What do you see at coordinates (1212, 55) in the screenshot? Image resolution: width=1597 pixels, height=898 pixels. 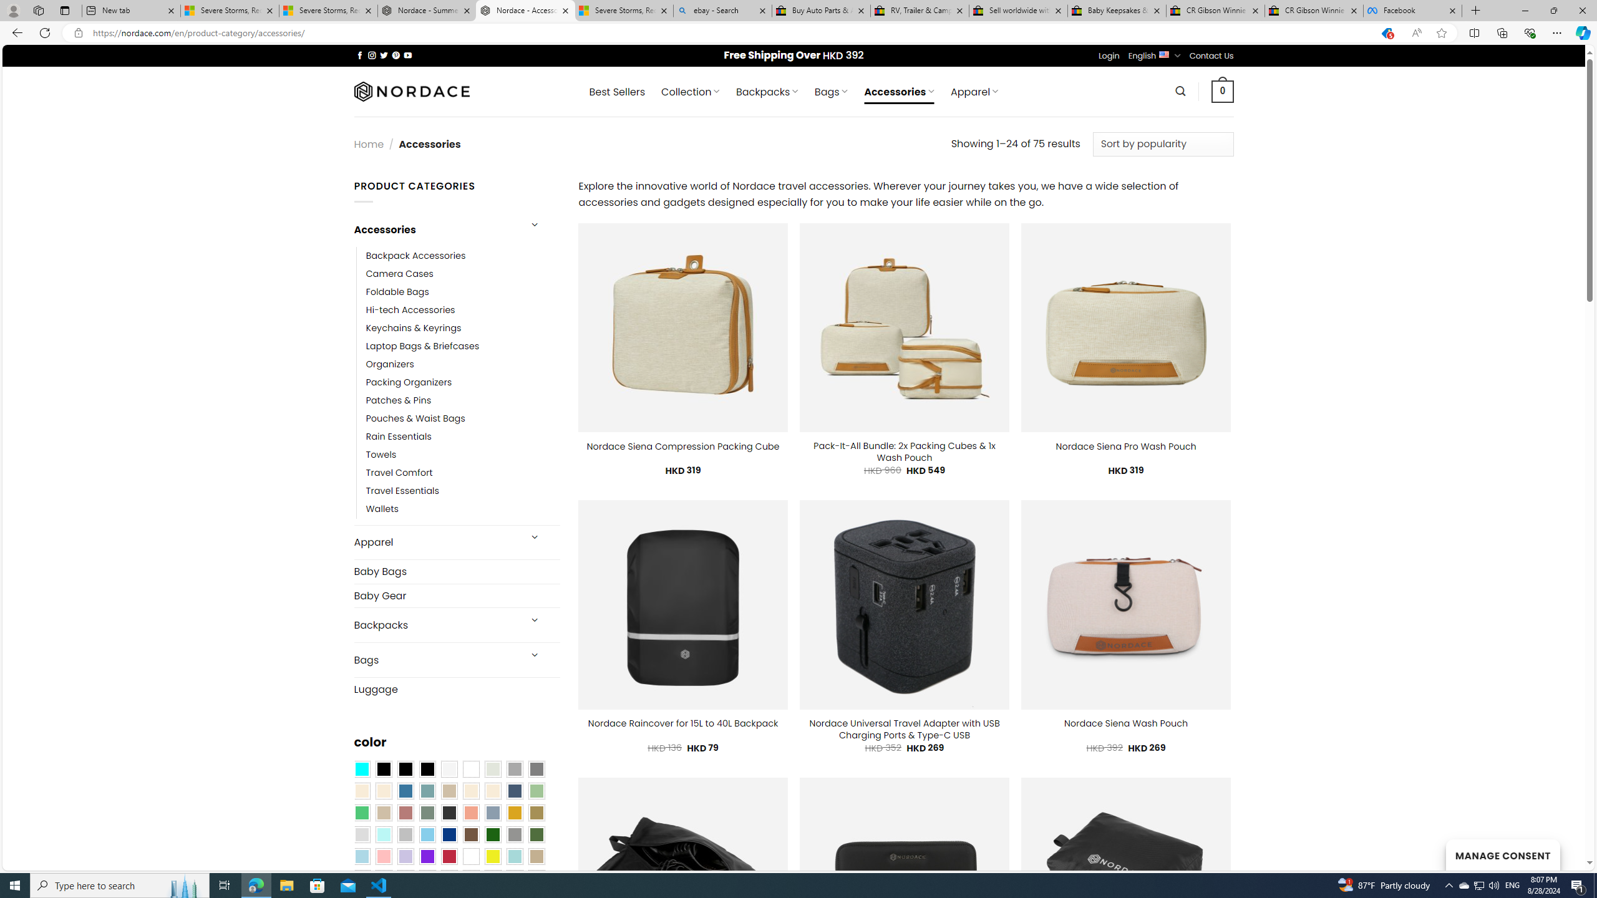 I see `'Contact Us'` at bounding box center [1212, 55].